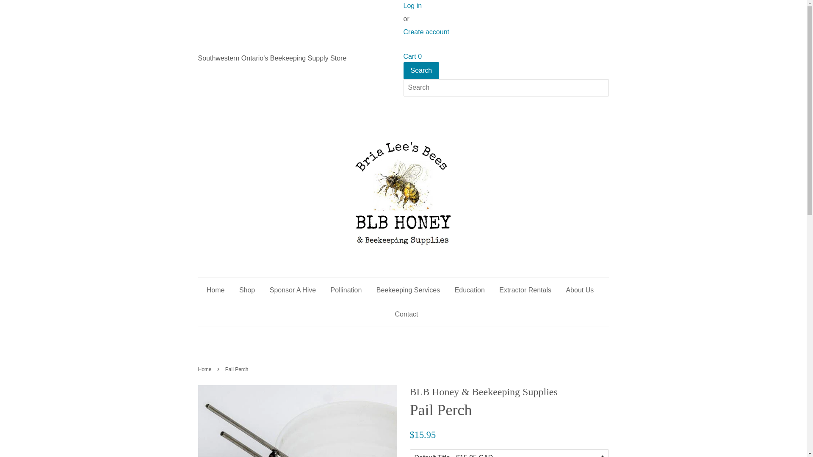 This screenshot has height=457, width=813. I want to click on 'Extractor Rentals', so click(492, 289).